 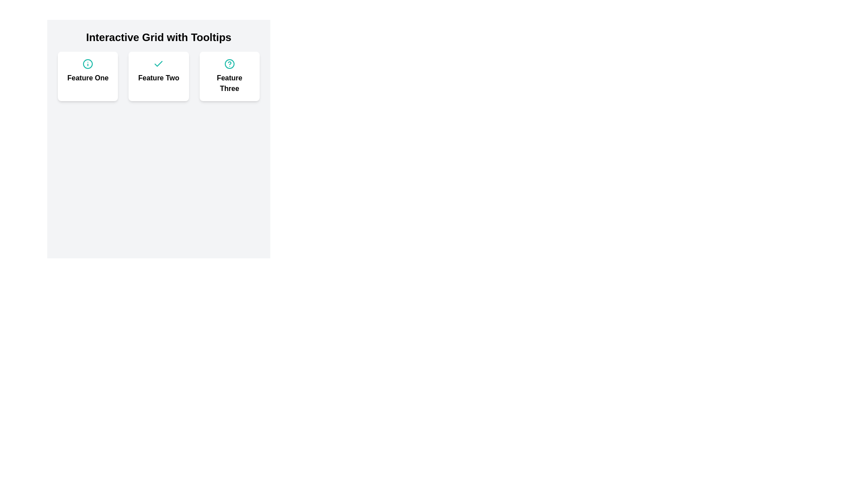 I want to click on the decorative icon located at the top-center section of the 'Feature Two' card, which symbolizes confirmation or selection, so click(x=159, y=64).